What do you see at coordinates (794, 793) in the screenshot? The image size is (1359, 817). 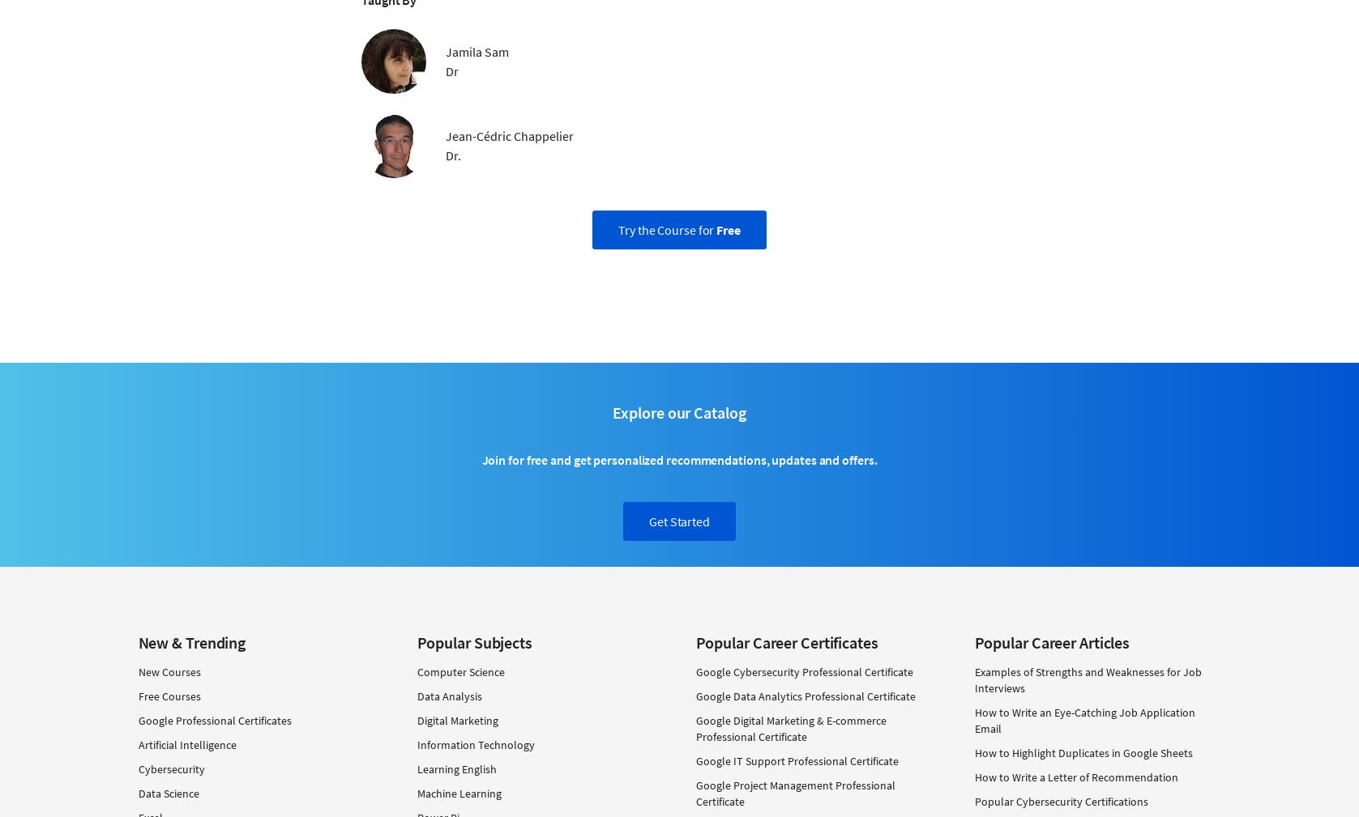 I see `'Google Project Management Professional Certificate'` at bounding box center [794, 793].